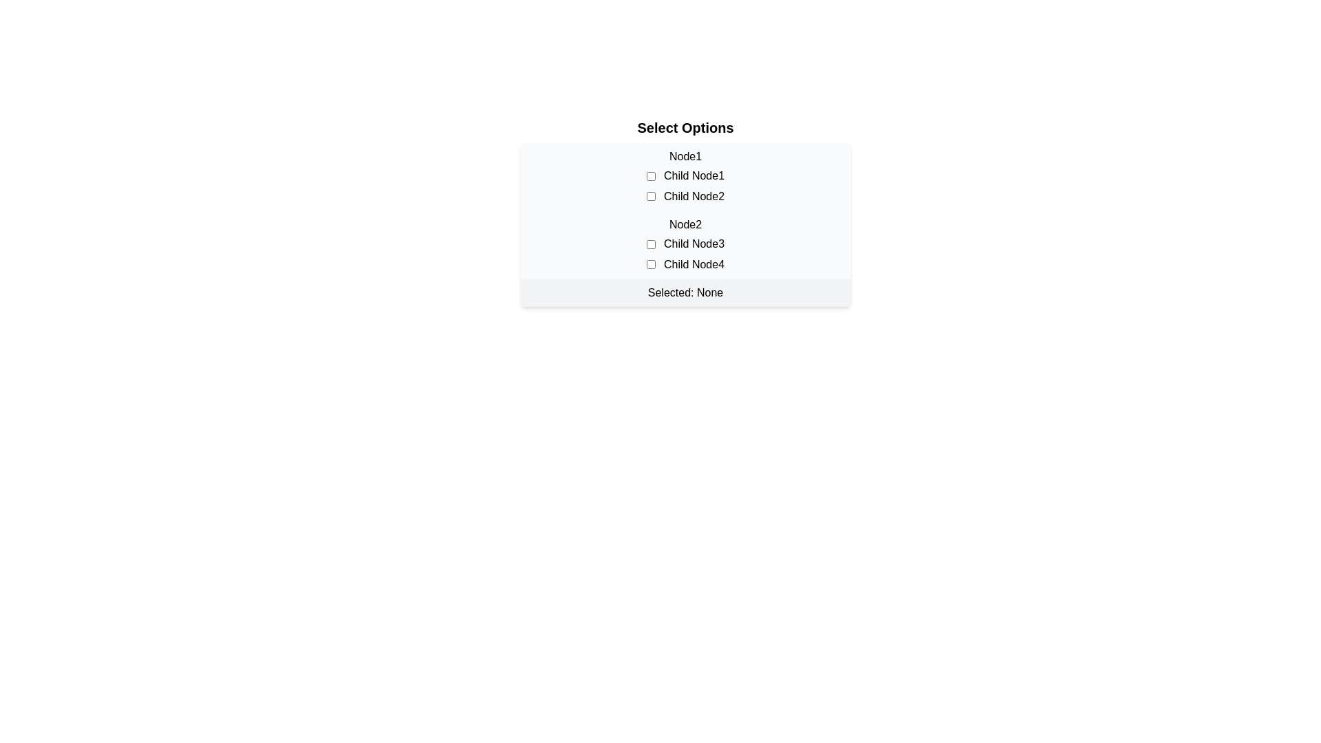 Image resolution: width=1321 pixels, height=743 pixels. What do you see at coordinates (694, 175) in the screenshot?
I see `the label that describes the first checkbox in the 'Node1' category, positioned horizontally to its right` at bounding box center [694, 175].